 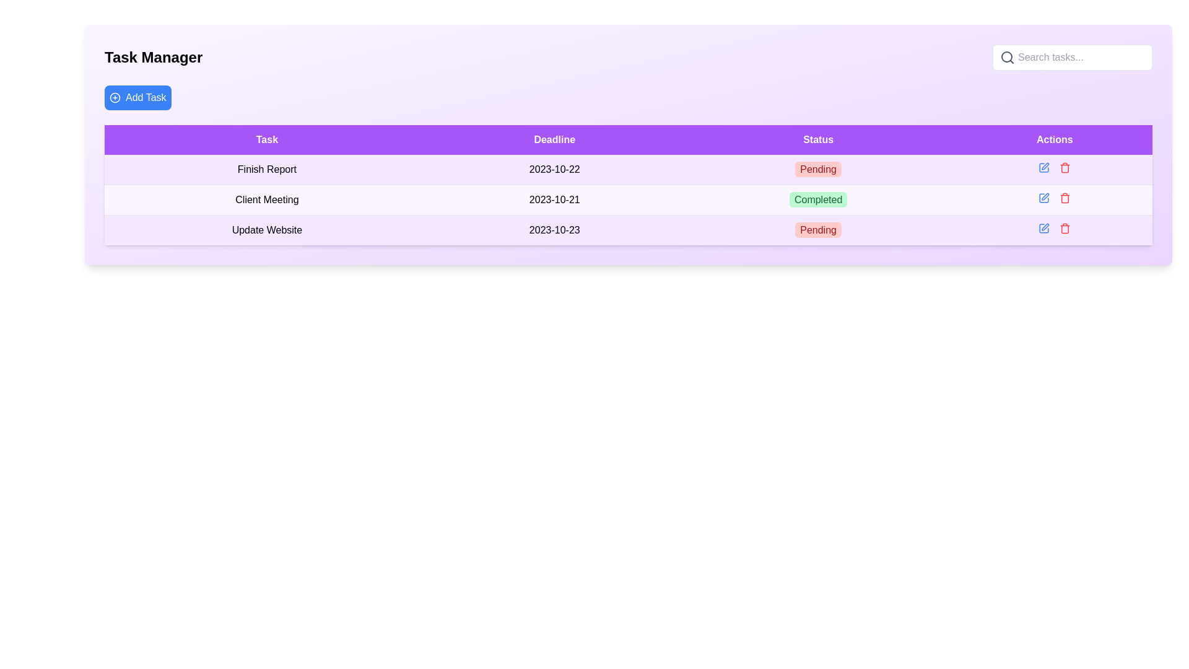 I want to click on the small blue icon depicting a square with a pen symbol, located in the 'Actions' column next to 'Completed' for the 'Client Meeting' row, so click(x=1043, y=198).